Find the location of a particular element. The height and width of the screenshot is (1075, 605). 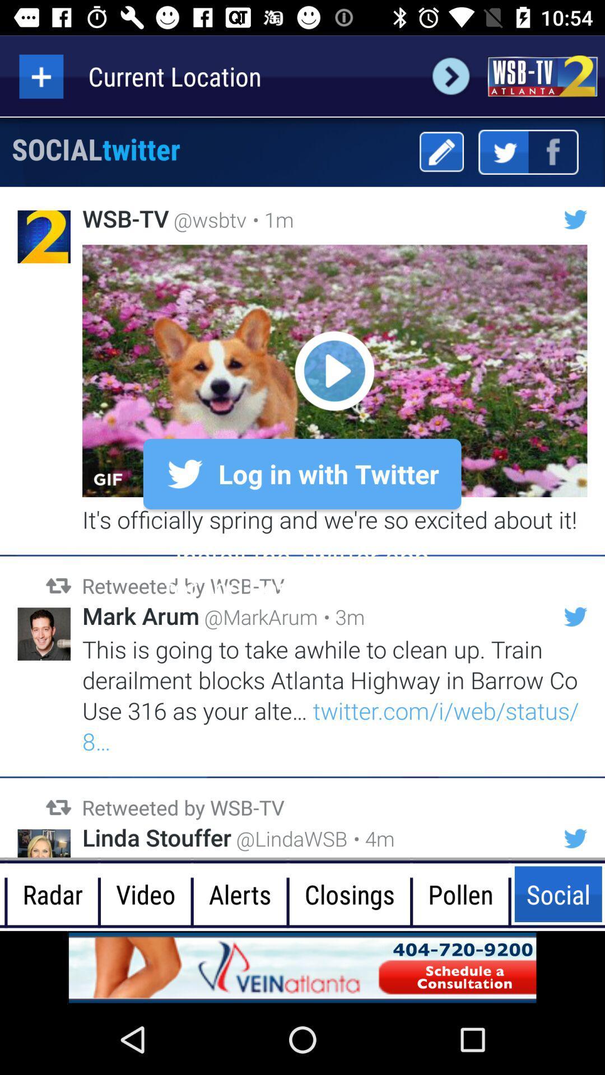

a new location is located at coordinates (40, 76).